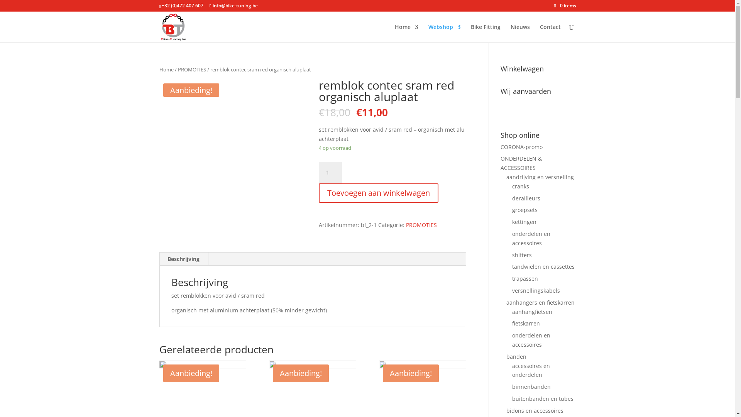  What do you see at coordinates (524, 210) in the screenshot?
I see `'groepsets'` at bounding box center [524, 210].